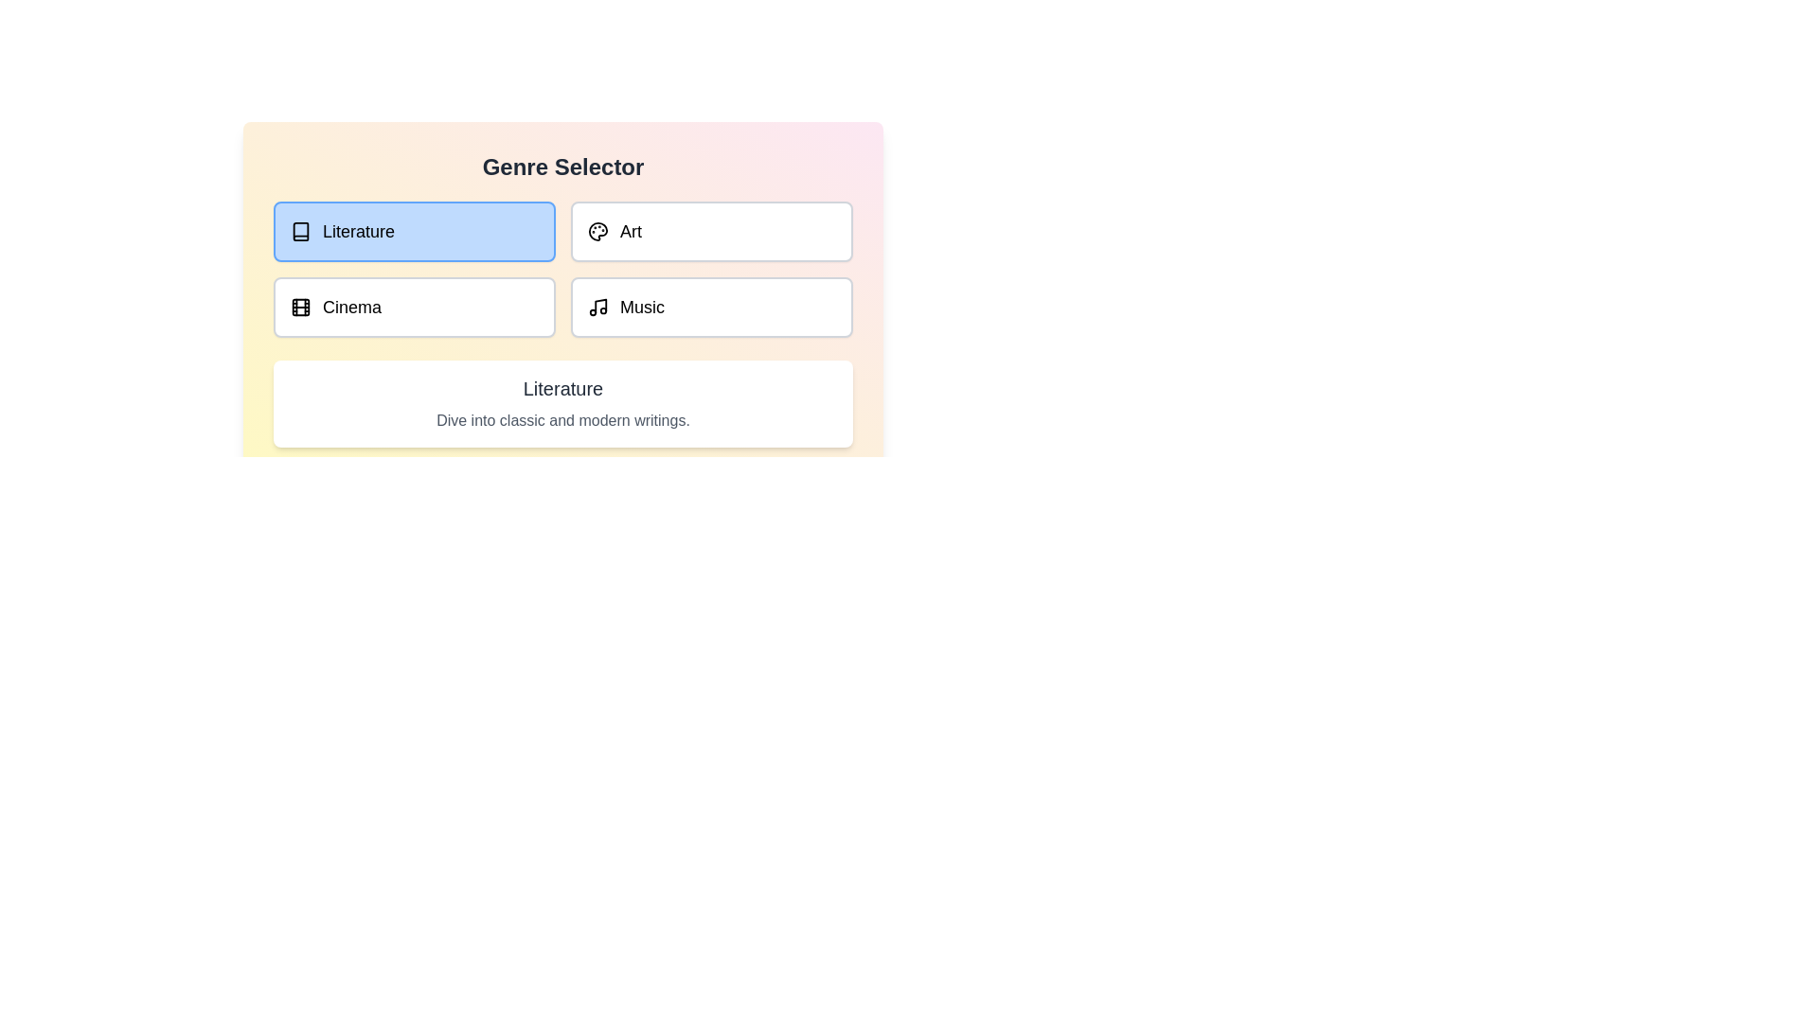 The height and width of the screenshot is (1022, 1818). What do you see at coordinates (597, 306) in the screenshot?
I see `the music note icon located within the 'Music' button, which is positioned in the second row and right column of the grid layout` at bounding box center [597, 306].